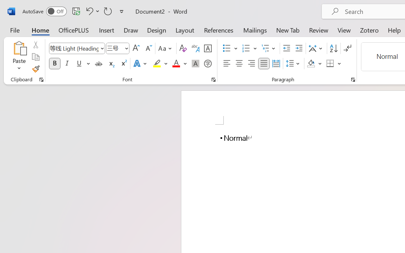 Image resolution: width=405 pixels, height=253 pixels. I want to click on 'Grow Font', so click(136, 48).